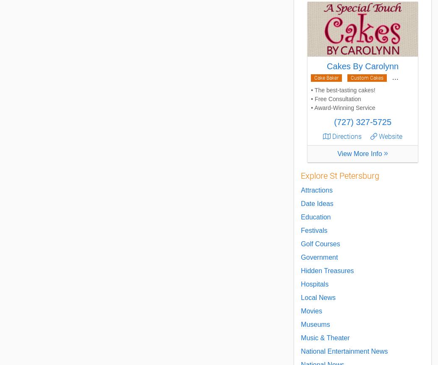 Image resolution: width=438 pixels, height=365 pixels. Describe the element at coordinates (314, 230) in the screenshot. I see `'Festivals'` at that location.